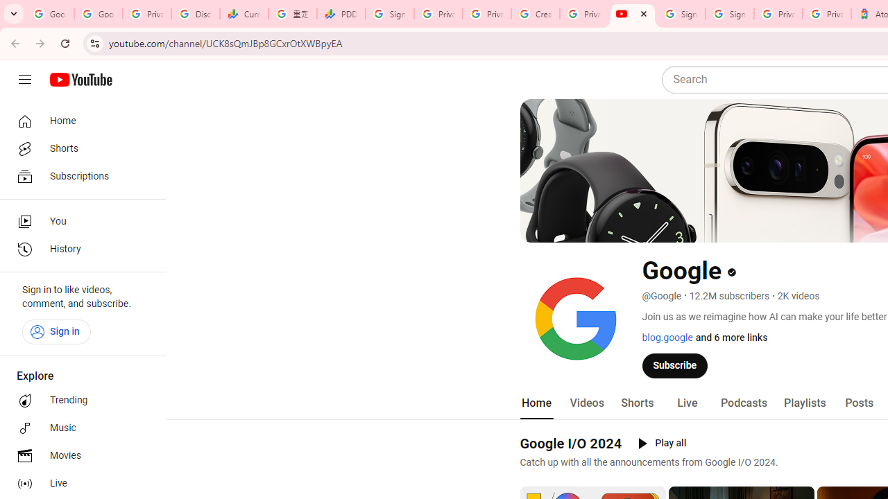 This screenshot has height=499, width=888. Describe the element at coordinates (78, 456) in the screenshot. I see `'Movies'` at that location.